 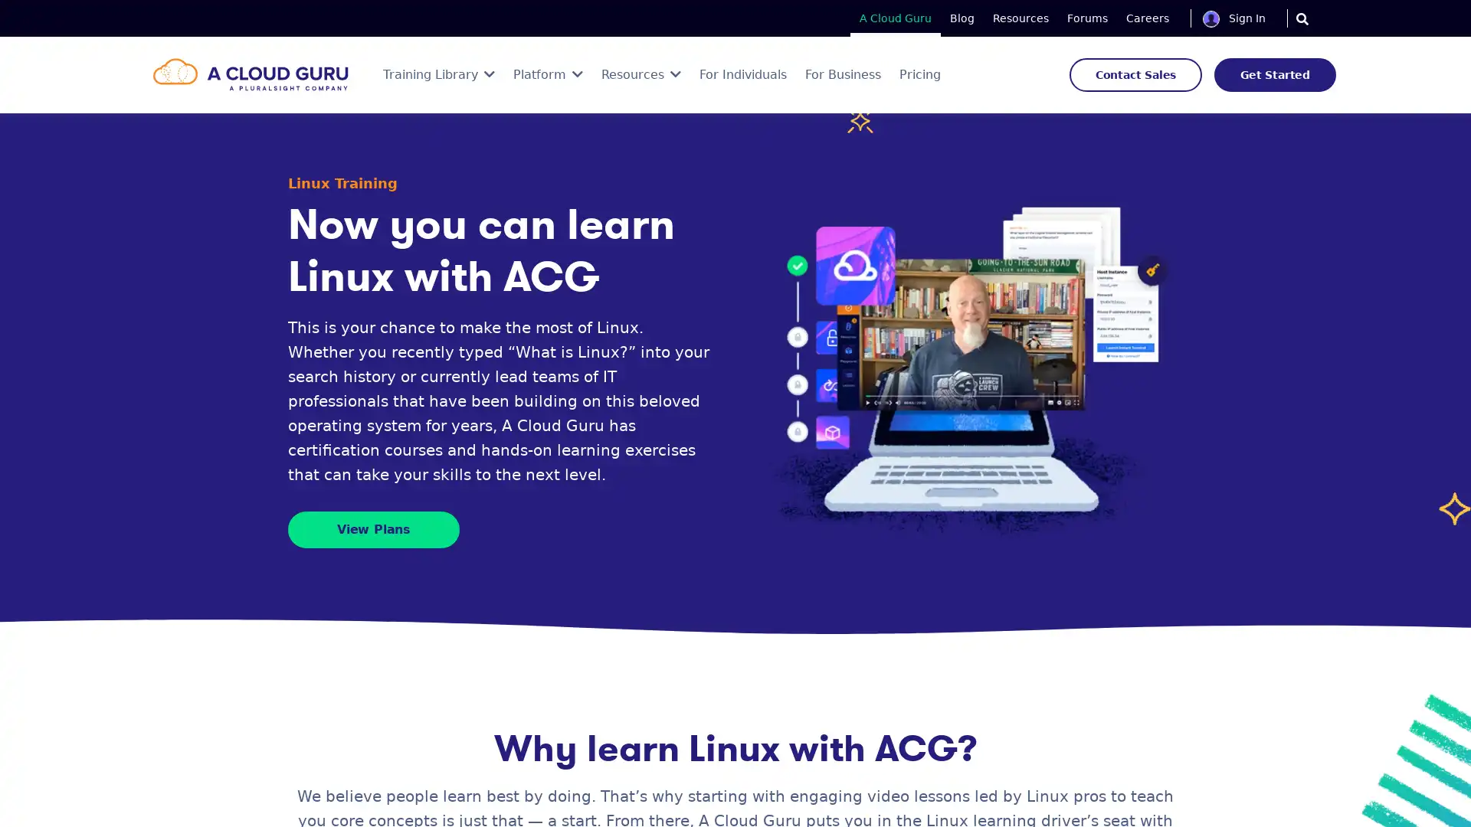 What do you see at coordinates (1043, 793) in the screenshot?
I see `Save Now` at bounding box center [1043, 793].